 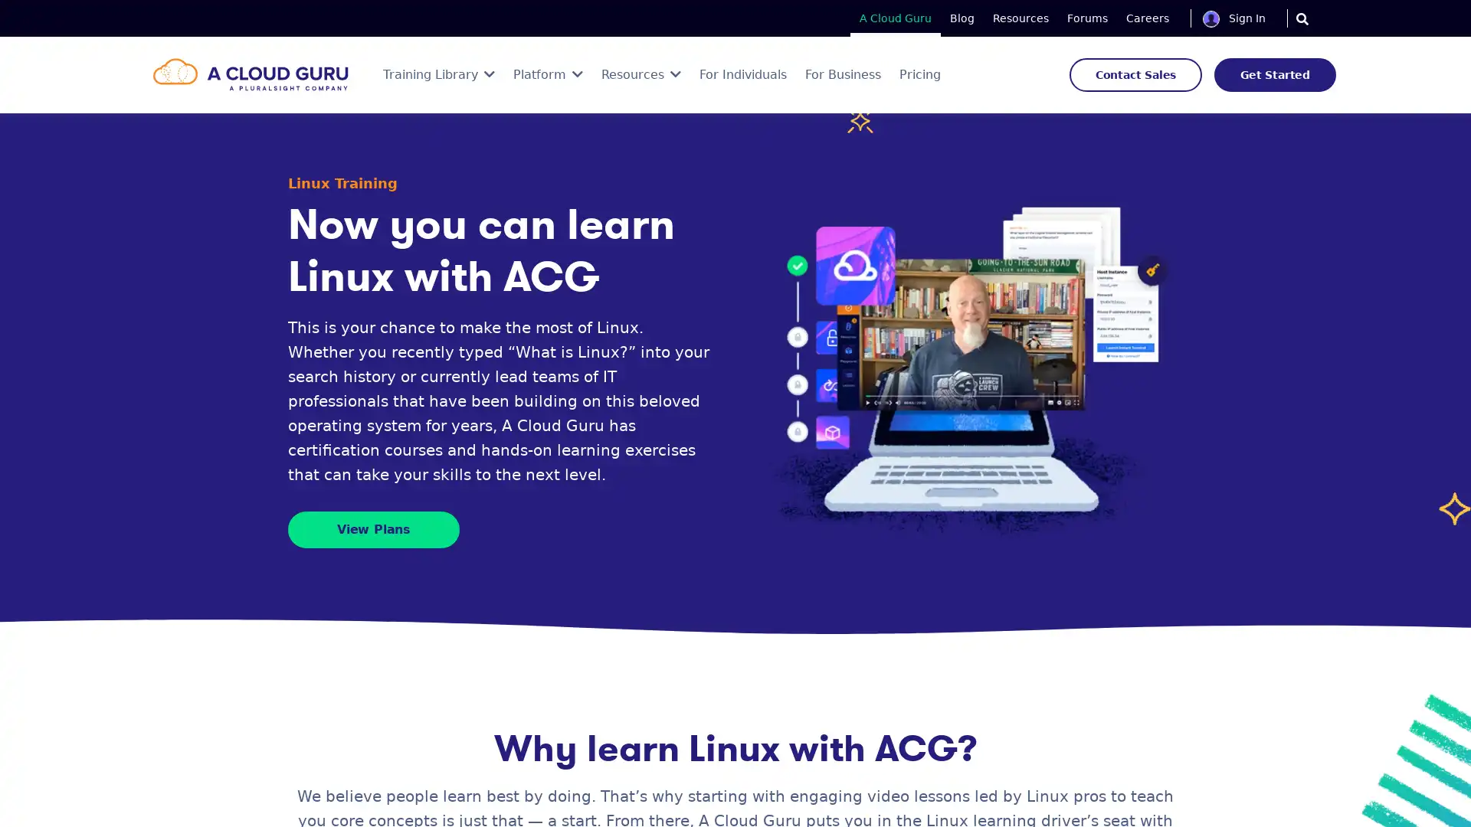 What do you see at coordinates (1043, 793) in the screenshot?
I see `Save Now` at bounding box center [1043, 793].